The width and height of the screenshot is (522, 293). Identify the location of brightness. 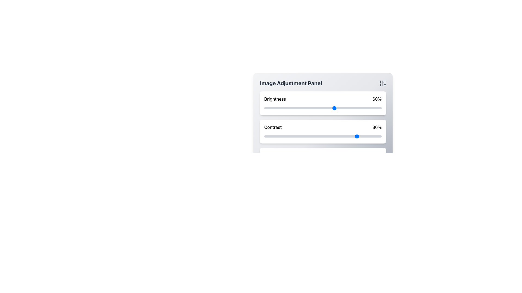
(349, 108).